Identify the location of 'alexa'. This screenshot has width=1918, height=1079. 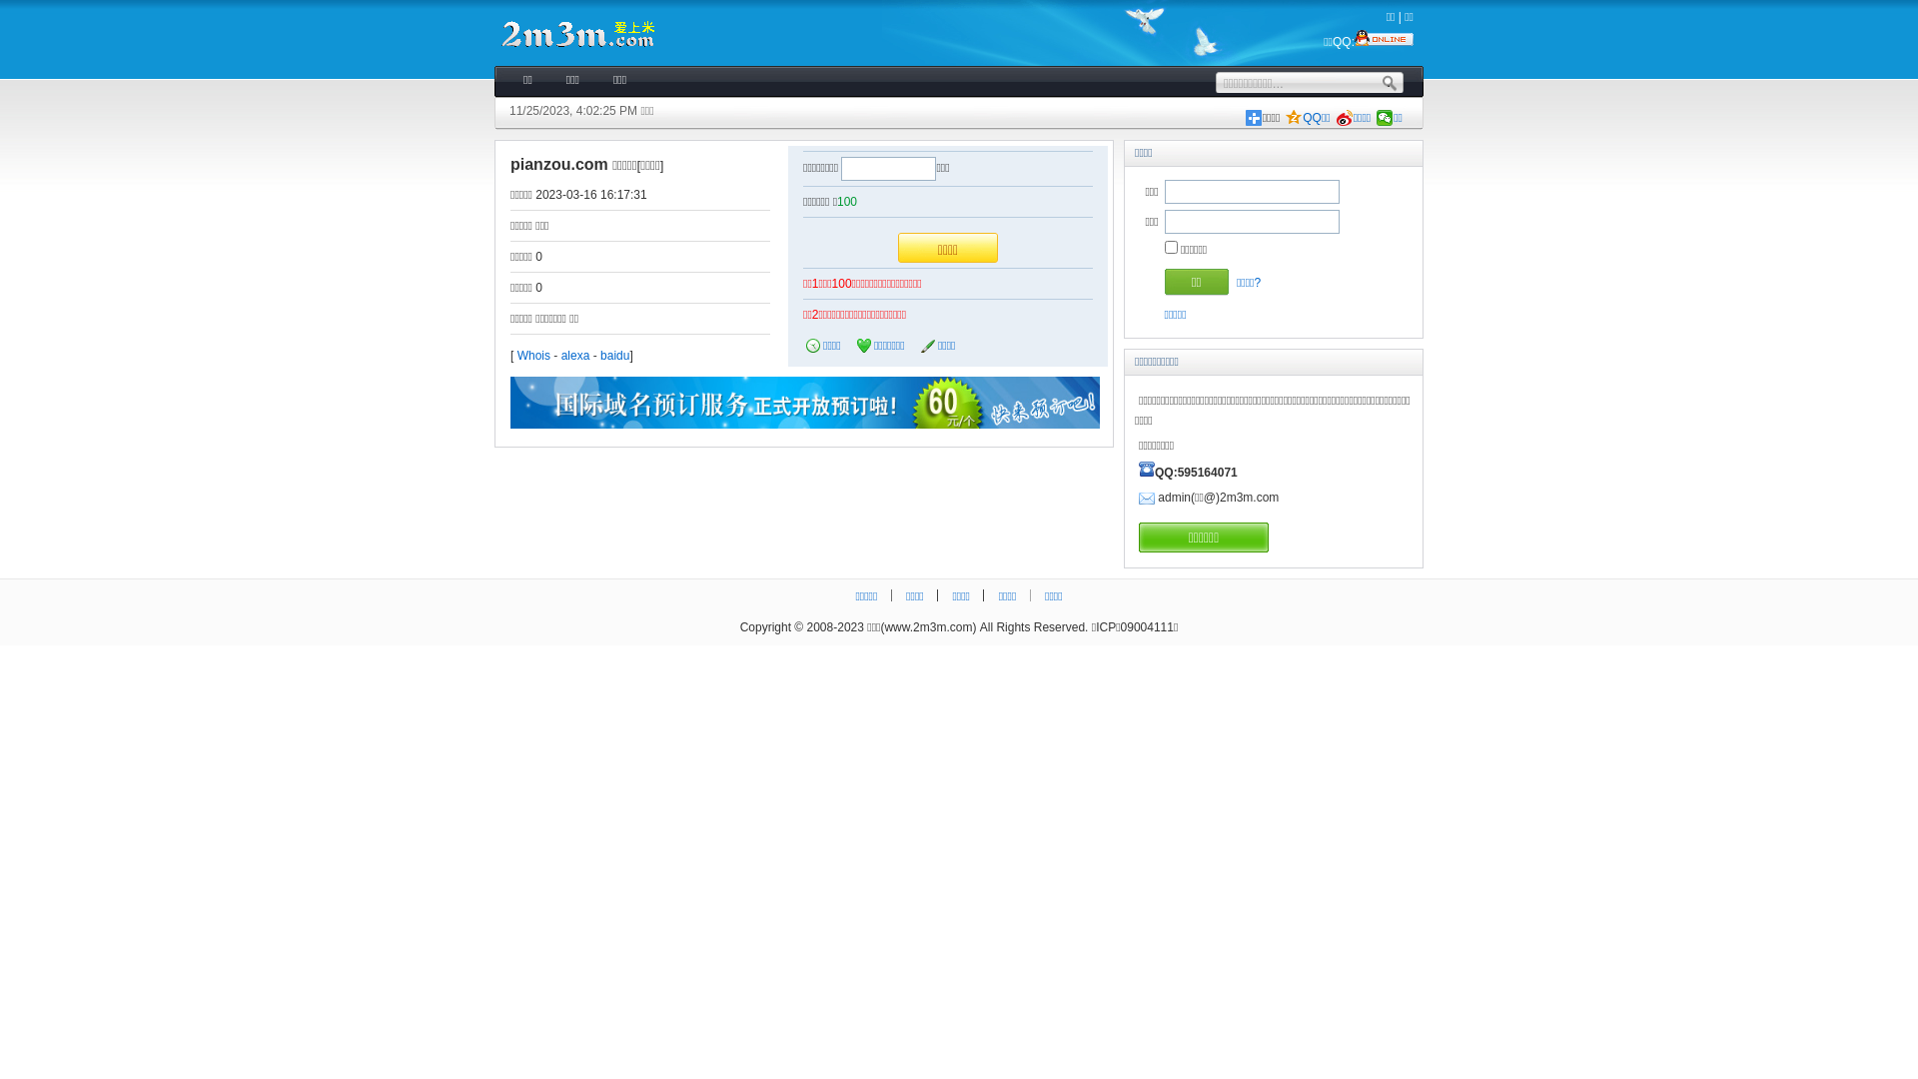
(574, 354).